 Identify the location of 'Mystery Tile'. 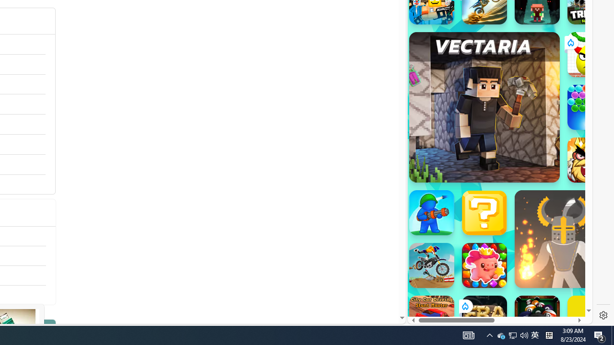
(484, 212).